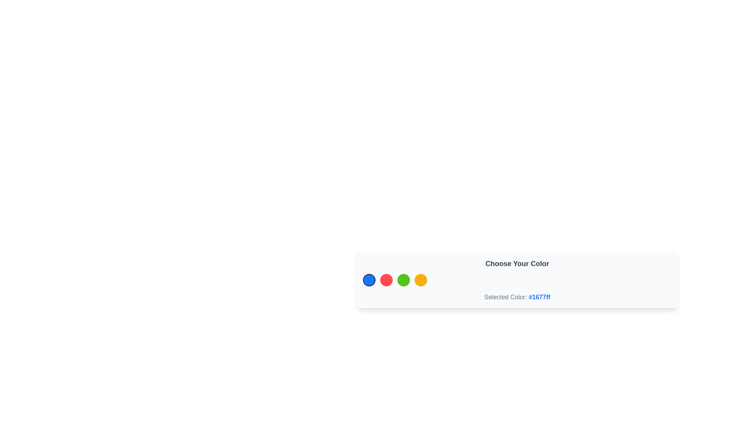  Describe the element at coordinates (369, 280) in the screenshot. I see `the first circular interactive button filled with solid blue color` at that location.